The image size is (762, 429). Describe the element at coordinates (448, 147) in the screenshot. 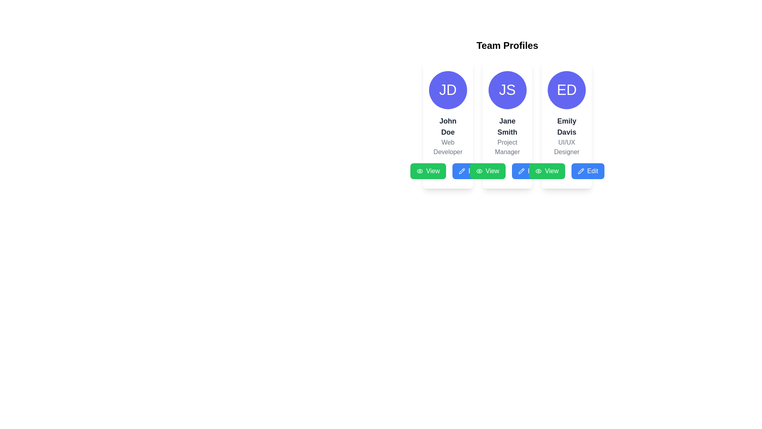

I see `the text label indicating the professional role or title of the individual in the profile card` at that location.